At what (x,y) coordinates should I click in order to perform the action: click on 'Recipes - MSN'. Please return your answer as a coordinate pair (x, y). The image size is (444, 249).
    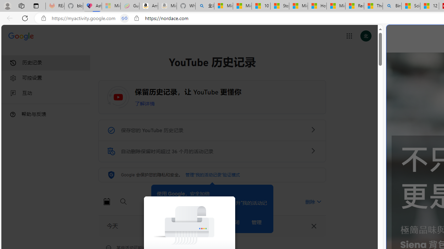
    Looking at the image, I should click on (355, 6).